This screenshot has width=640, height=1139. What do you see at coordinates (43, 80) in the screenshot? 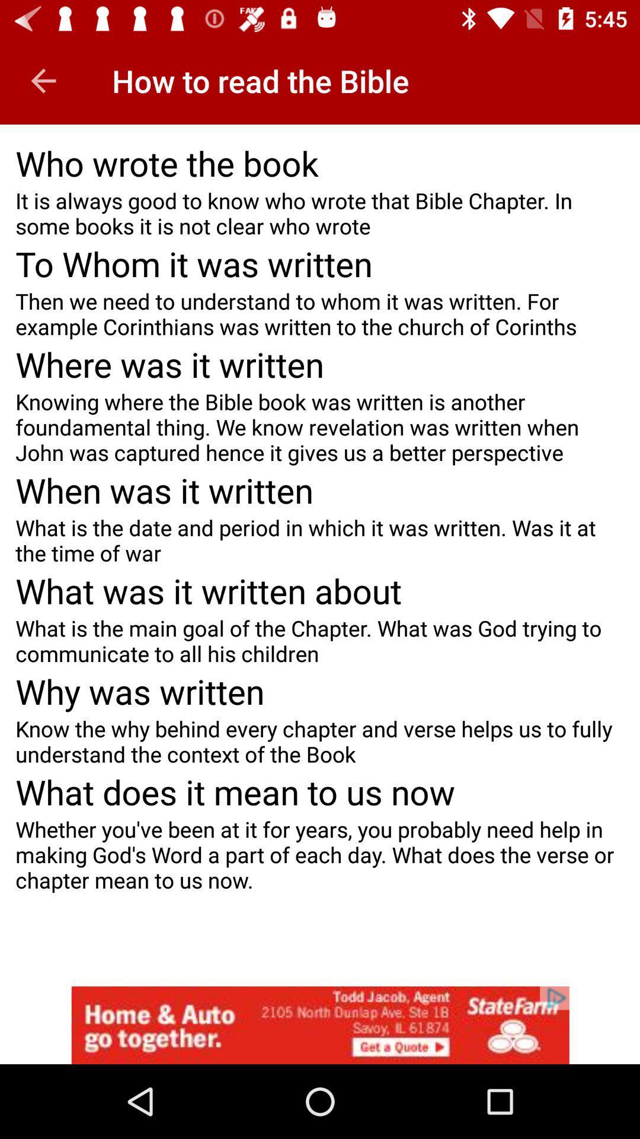
I see `back page` at bounding box center [43, 80].